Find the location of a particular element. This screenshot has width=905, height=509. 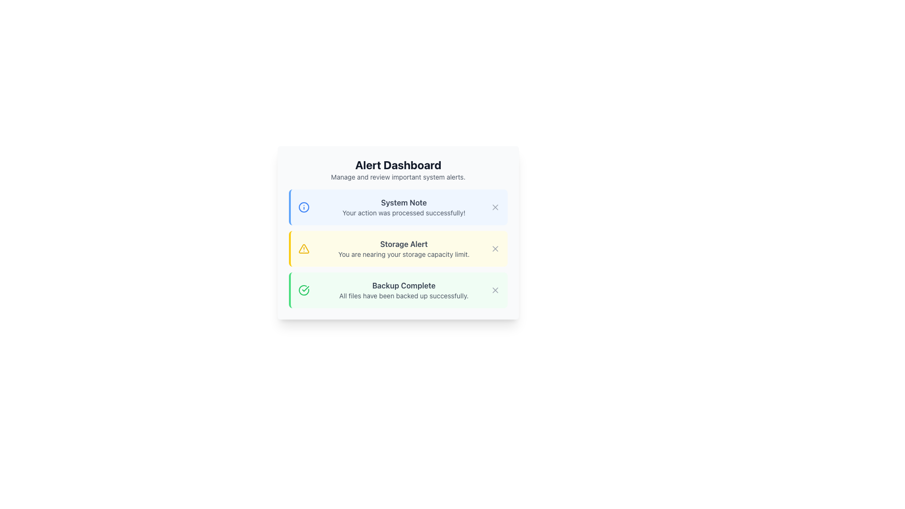

the static text label that reads 'You are nearing your storage capacity limit.' is located at coordinates (404, 254).